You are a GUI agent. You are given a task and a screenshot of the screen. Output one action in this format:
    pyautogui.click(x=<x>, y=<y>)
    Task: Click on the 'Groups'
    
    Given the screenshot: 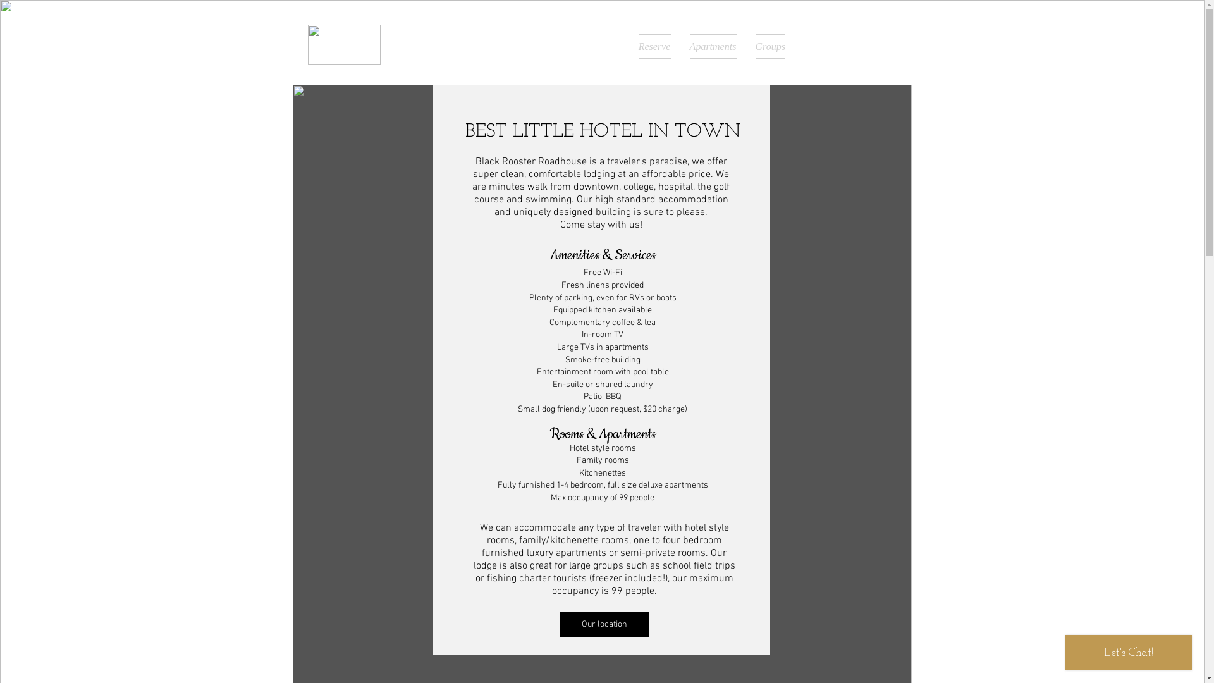 What is the action you would take?
    pyautogui.click(x=746, y=46)
    